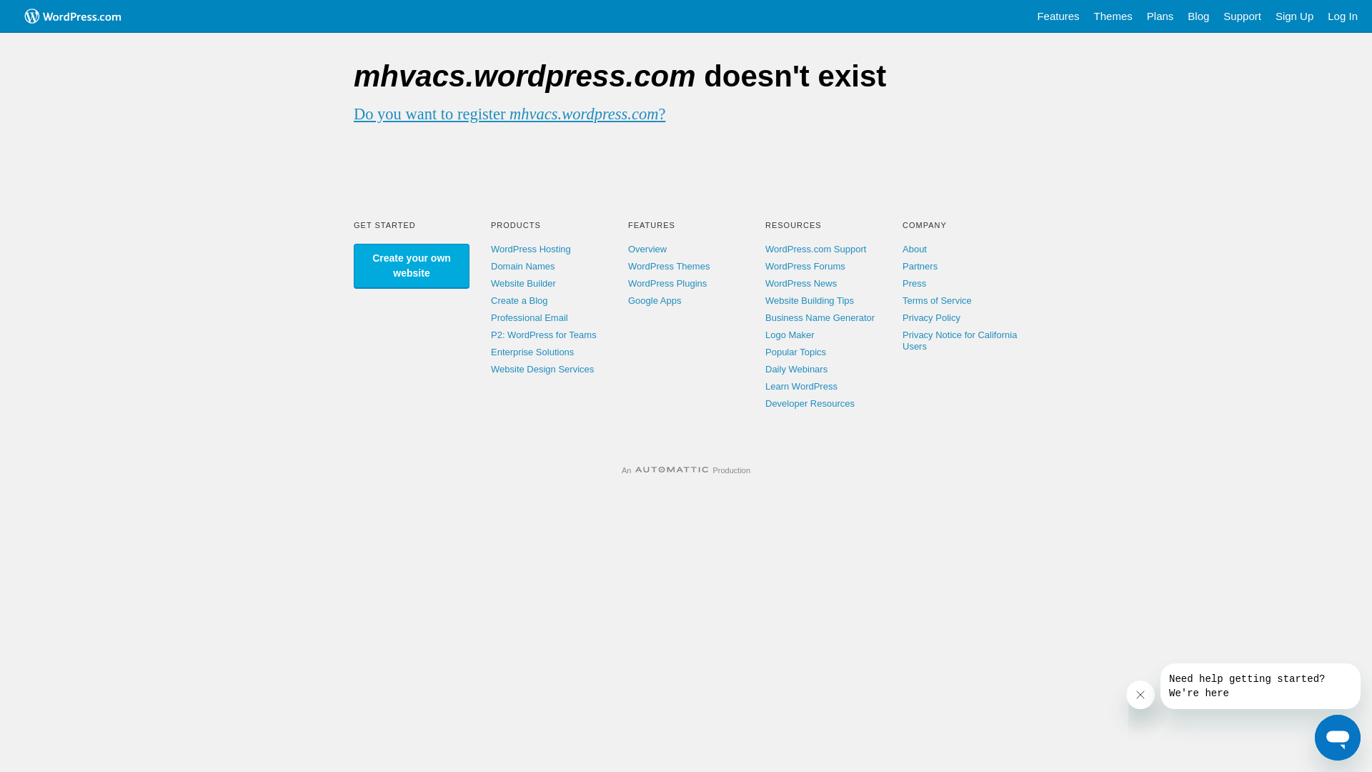  Describe the element at coordinates (509, 113) in the screenshot. I see `'Do you want to register mhvacs.wordpress.com?'` at that location.